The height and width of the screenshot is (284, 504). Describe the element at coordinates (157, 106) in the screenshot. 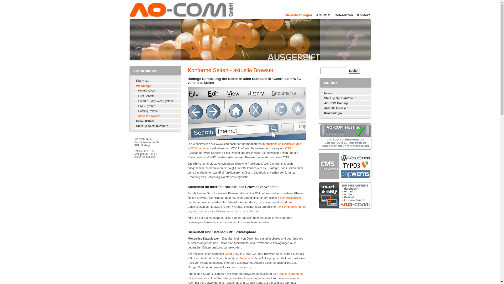

I see `'CMS Syteme'` at that location.